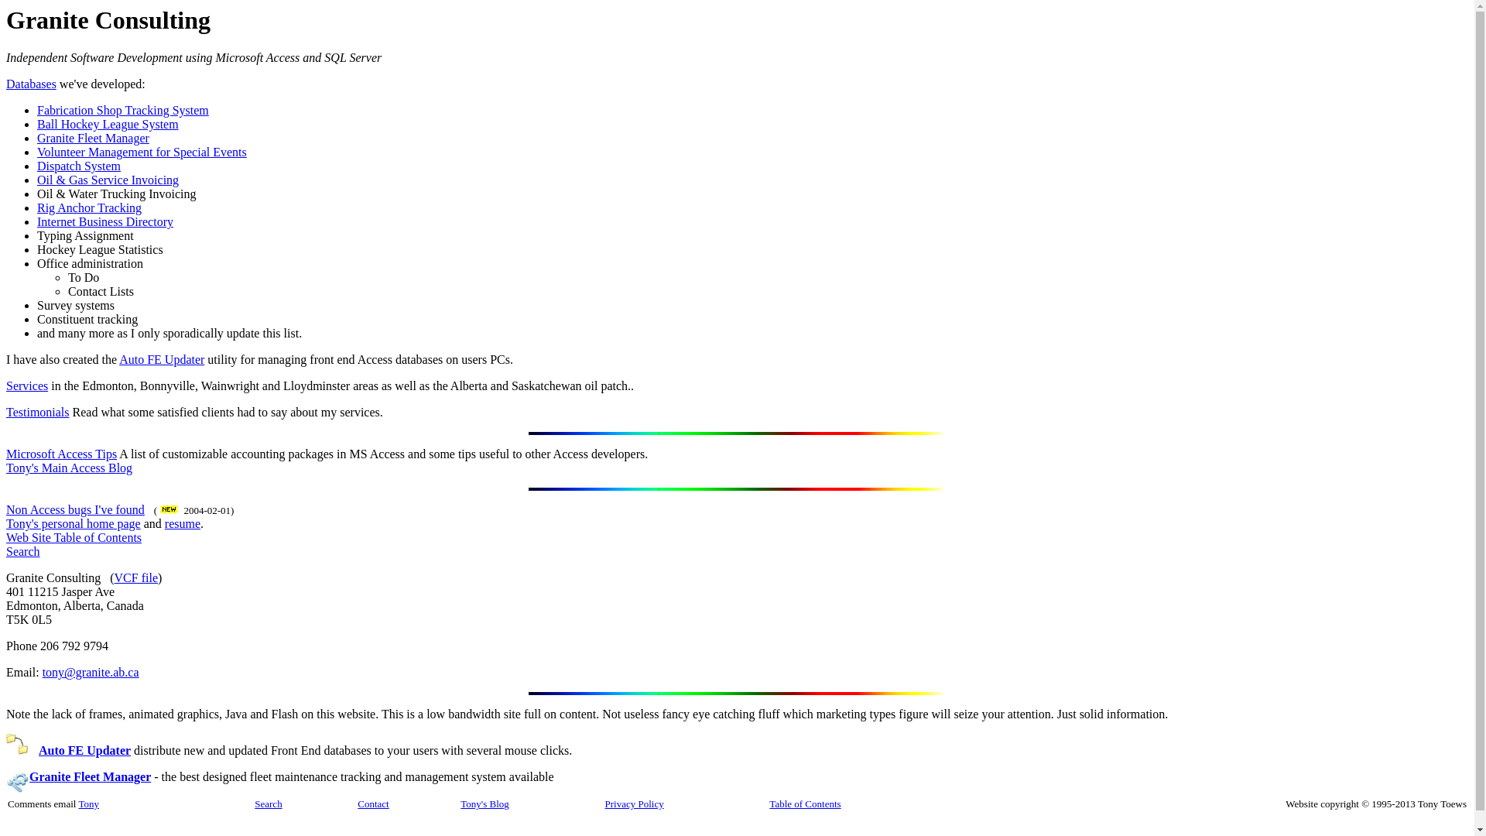 The image size is (1486, 836). What do you see at coordinates (37, 411) in the screenshot?
I see `'Testimonials'` at bounding box center [37, 411].